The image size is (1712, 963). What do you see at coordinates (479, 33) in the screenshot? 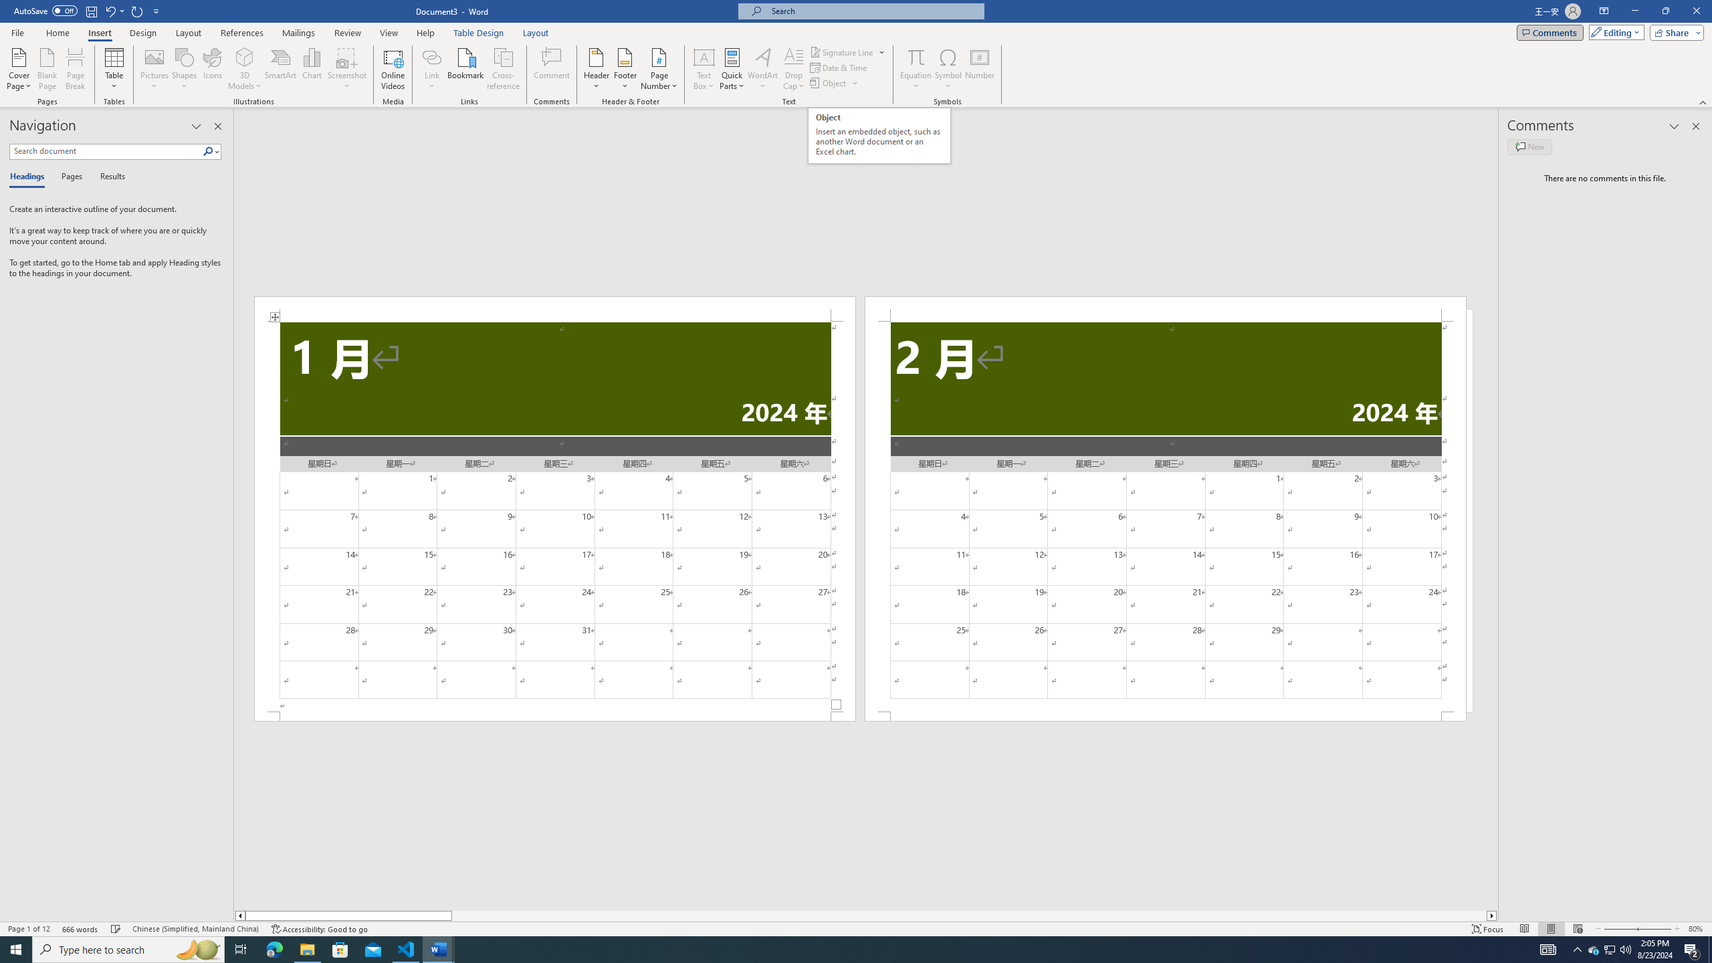
I see `'Table Design'` at bounding box center [479, 33].